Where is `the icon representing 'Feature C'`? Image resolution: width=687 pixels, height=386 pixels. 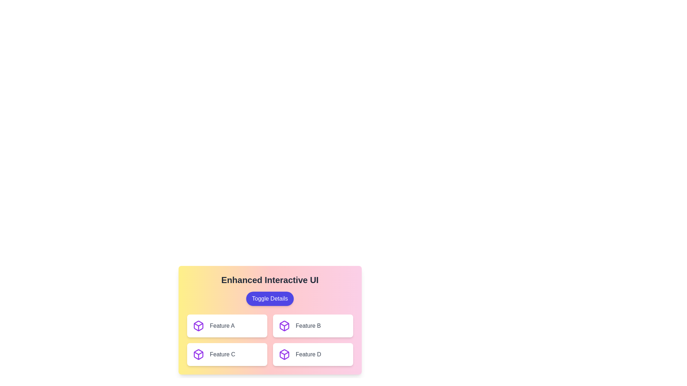 the icon representing 'Feature C' is located at coordinates (198, 354).